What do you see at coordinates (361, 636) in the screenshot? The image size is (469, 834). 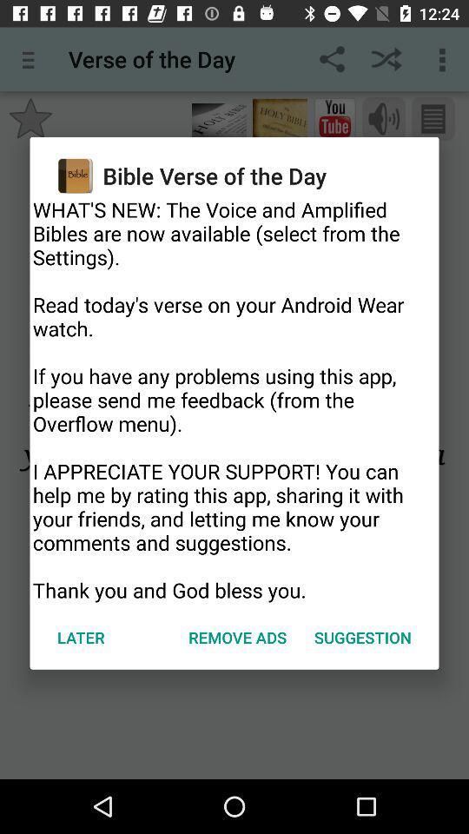 I see `icon to the right of the remove ads` at bounding box center [361, 636].